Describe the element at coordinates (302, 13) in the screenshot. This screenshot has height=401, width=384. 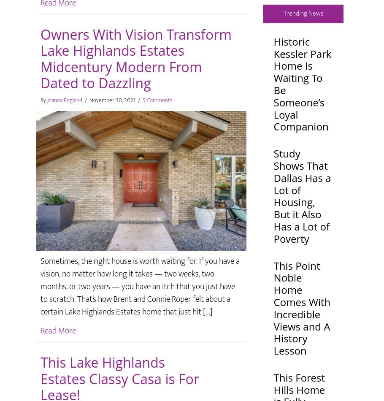
I see `'Trending News'` at that location.